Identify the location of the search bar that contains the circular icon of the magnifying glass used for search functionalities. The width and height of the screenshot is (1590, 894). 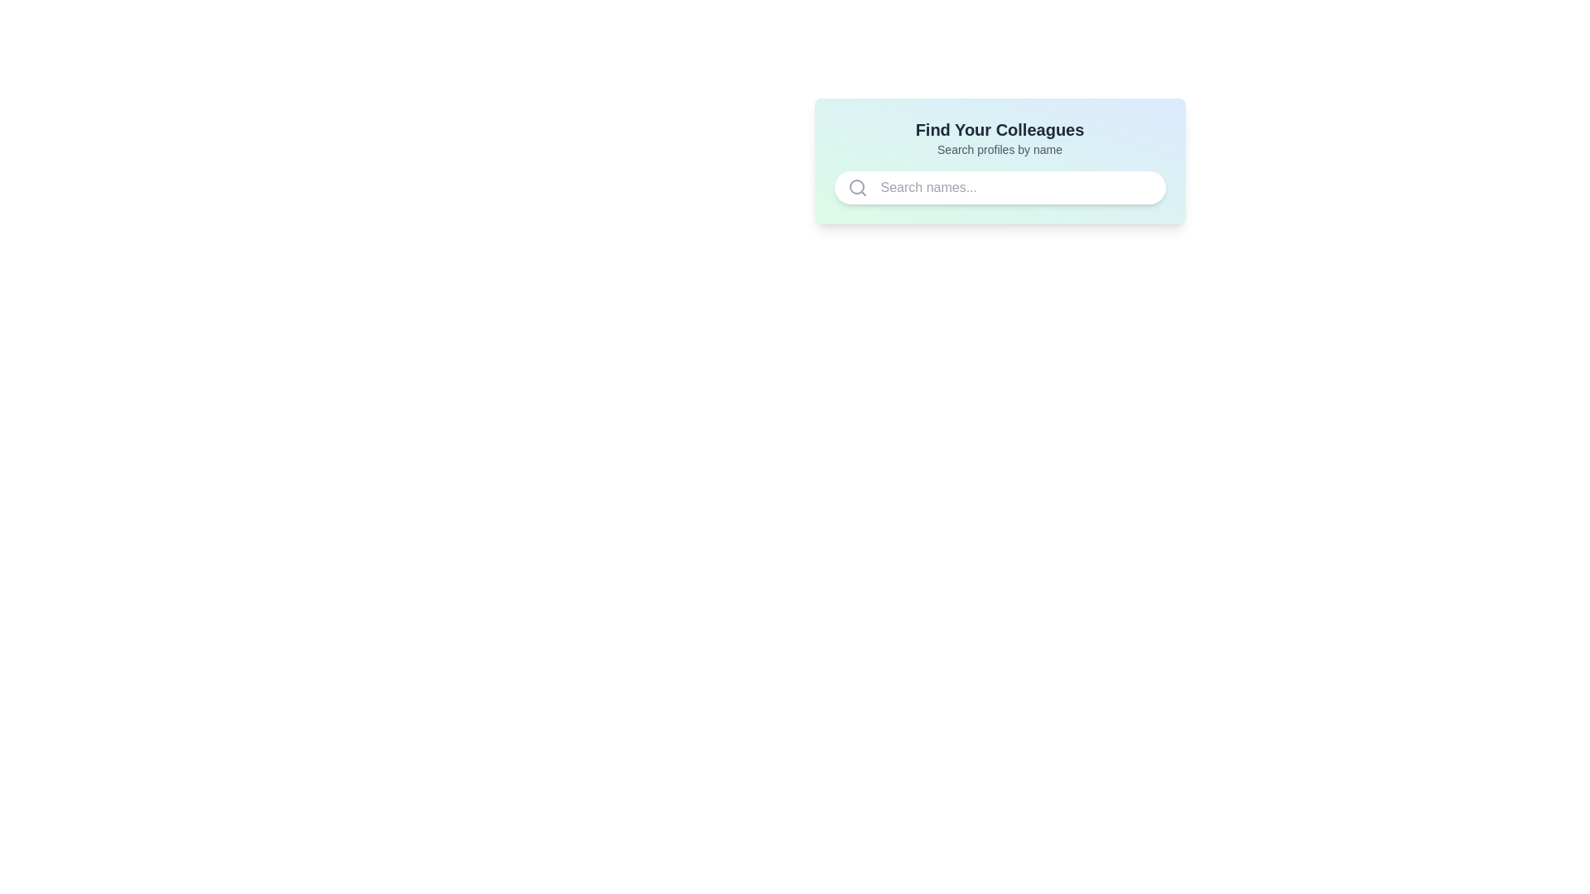
(856, 186).